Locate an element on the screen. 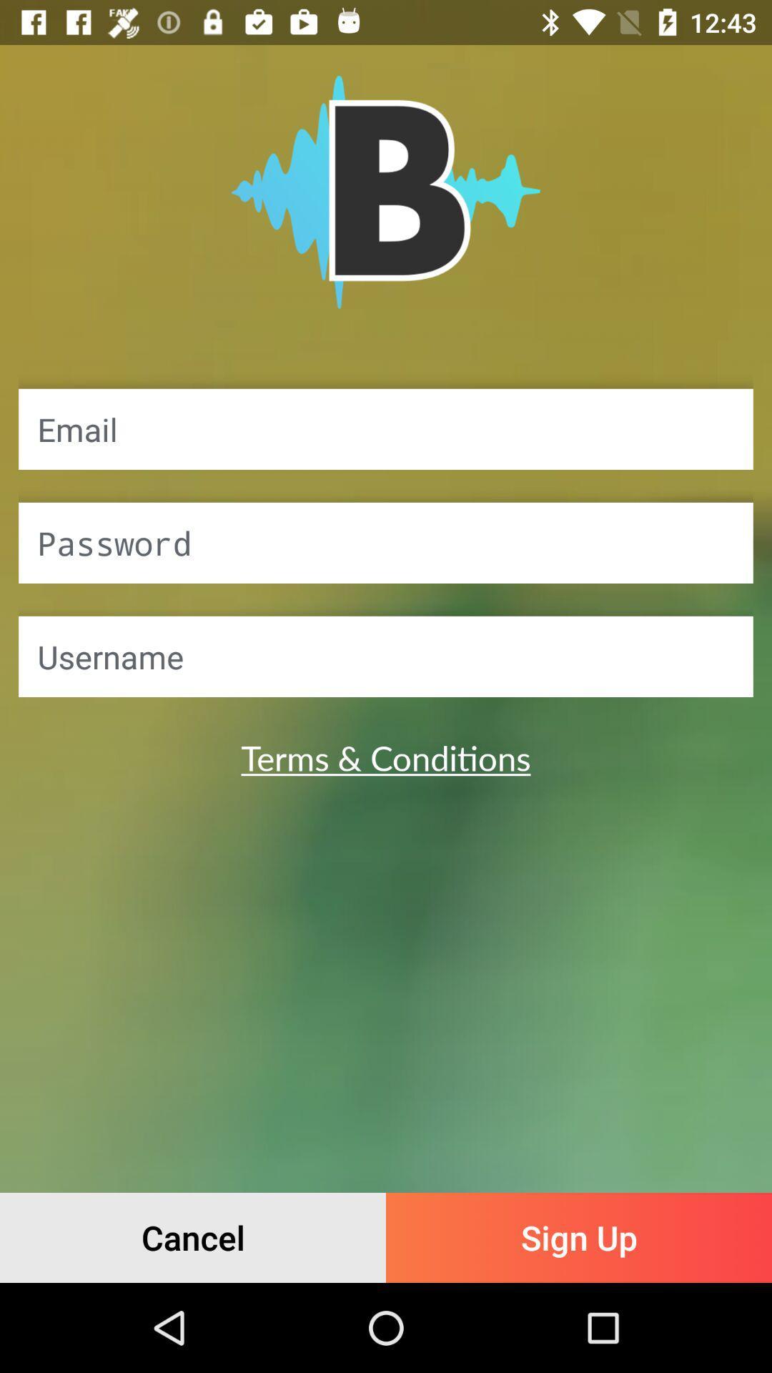  the item below the terms & conditions item is located at coordinates (193, 1237).